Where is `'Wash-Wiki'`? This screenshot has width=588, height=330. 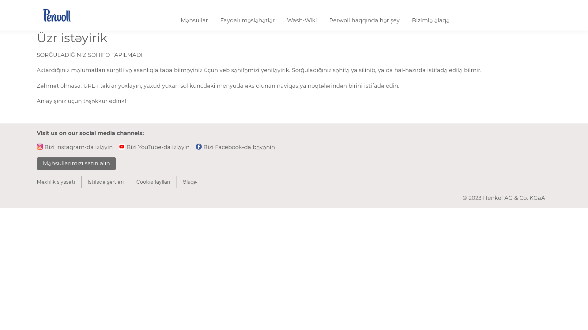 'Wash-Wiki' is located at coordinates (302, 20).